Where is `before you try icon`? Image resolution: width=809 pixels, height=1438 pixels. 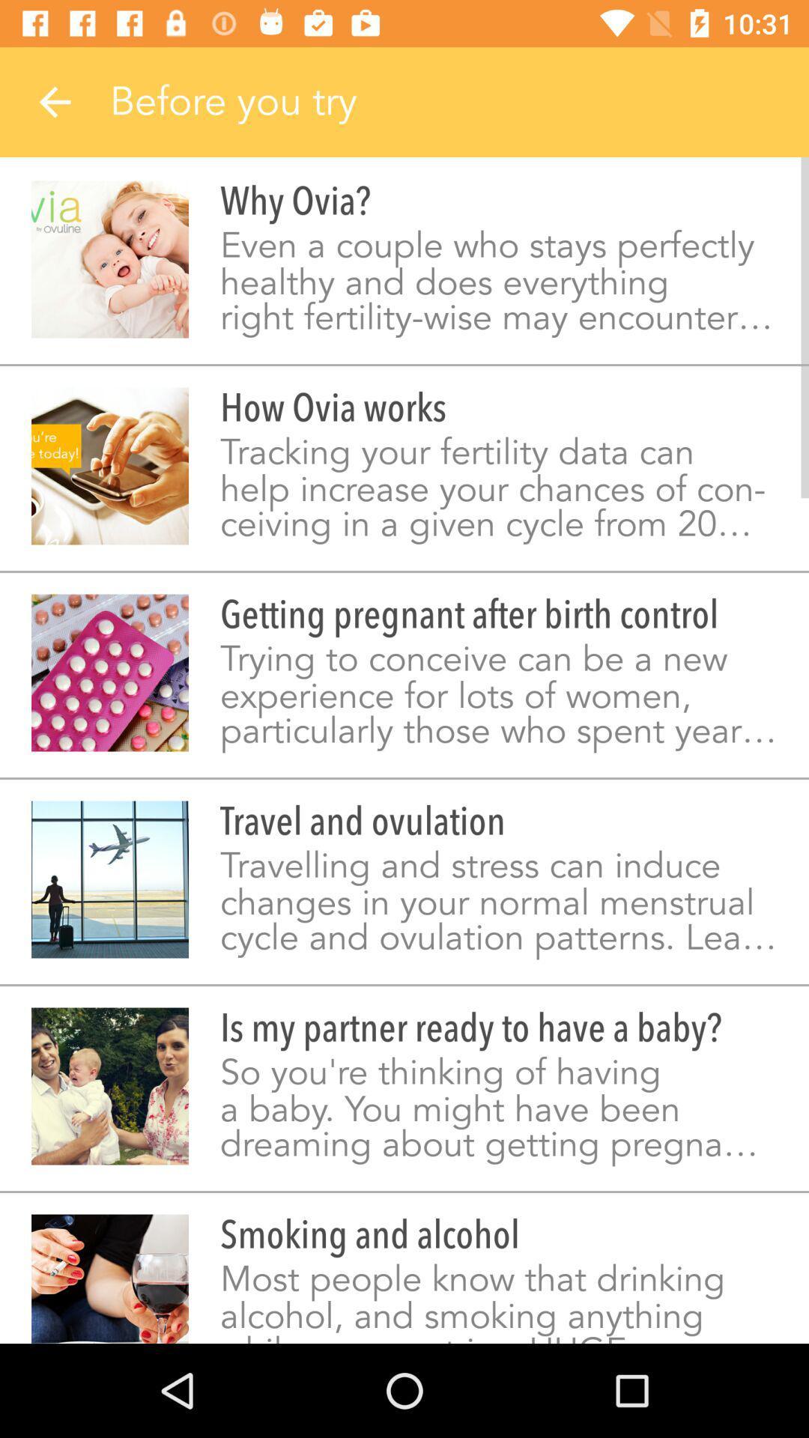 before you try icon is located at coordinates (458, 101).